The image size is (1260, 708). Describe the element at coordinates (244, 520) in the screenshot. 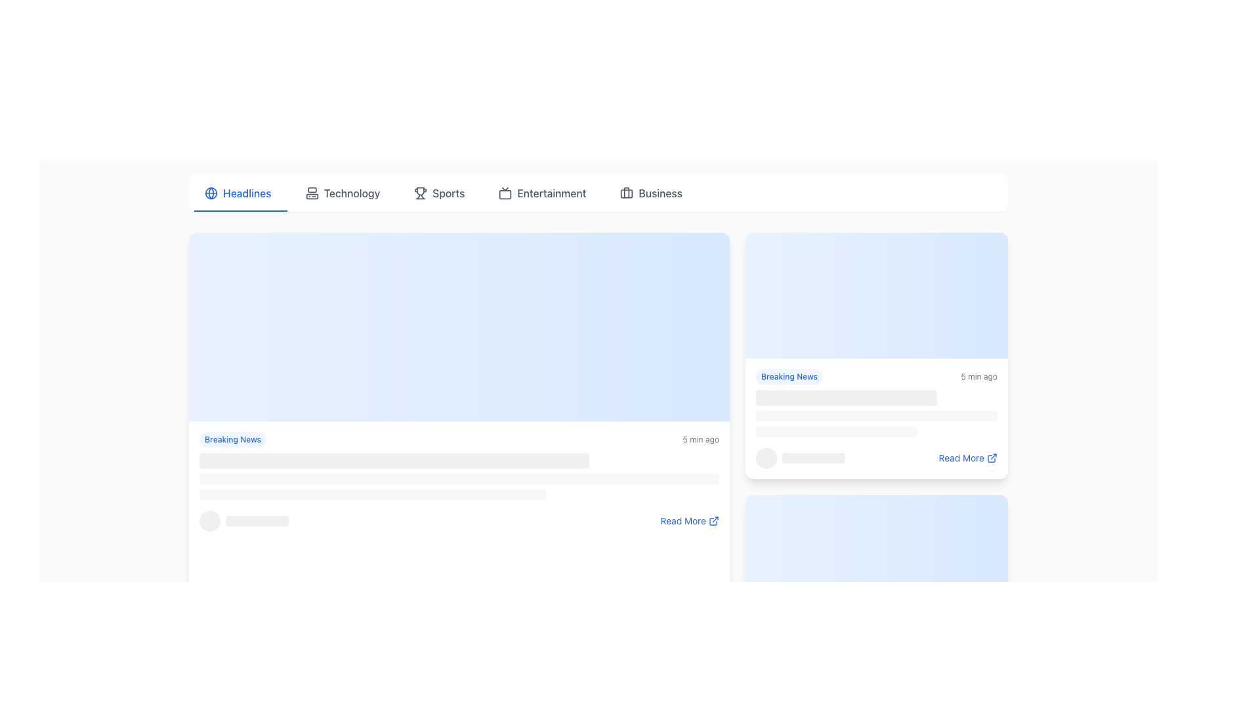

I see `the Loading placeholder, which consists of a circular and a rectangular component arranged horizontally, positioned on the lower part of the main content area under the 'Breaking News' headline` at that location.